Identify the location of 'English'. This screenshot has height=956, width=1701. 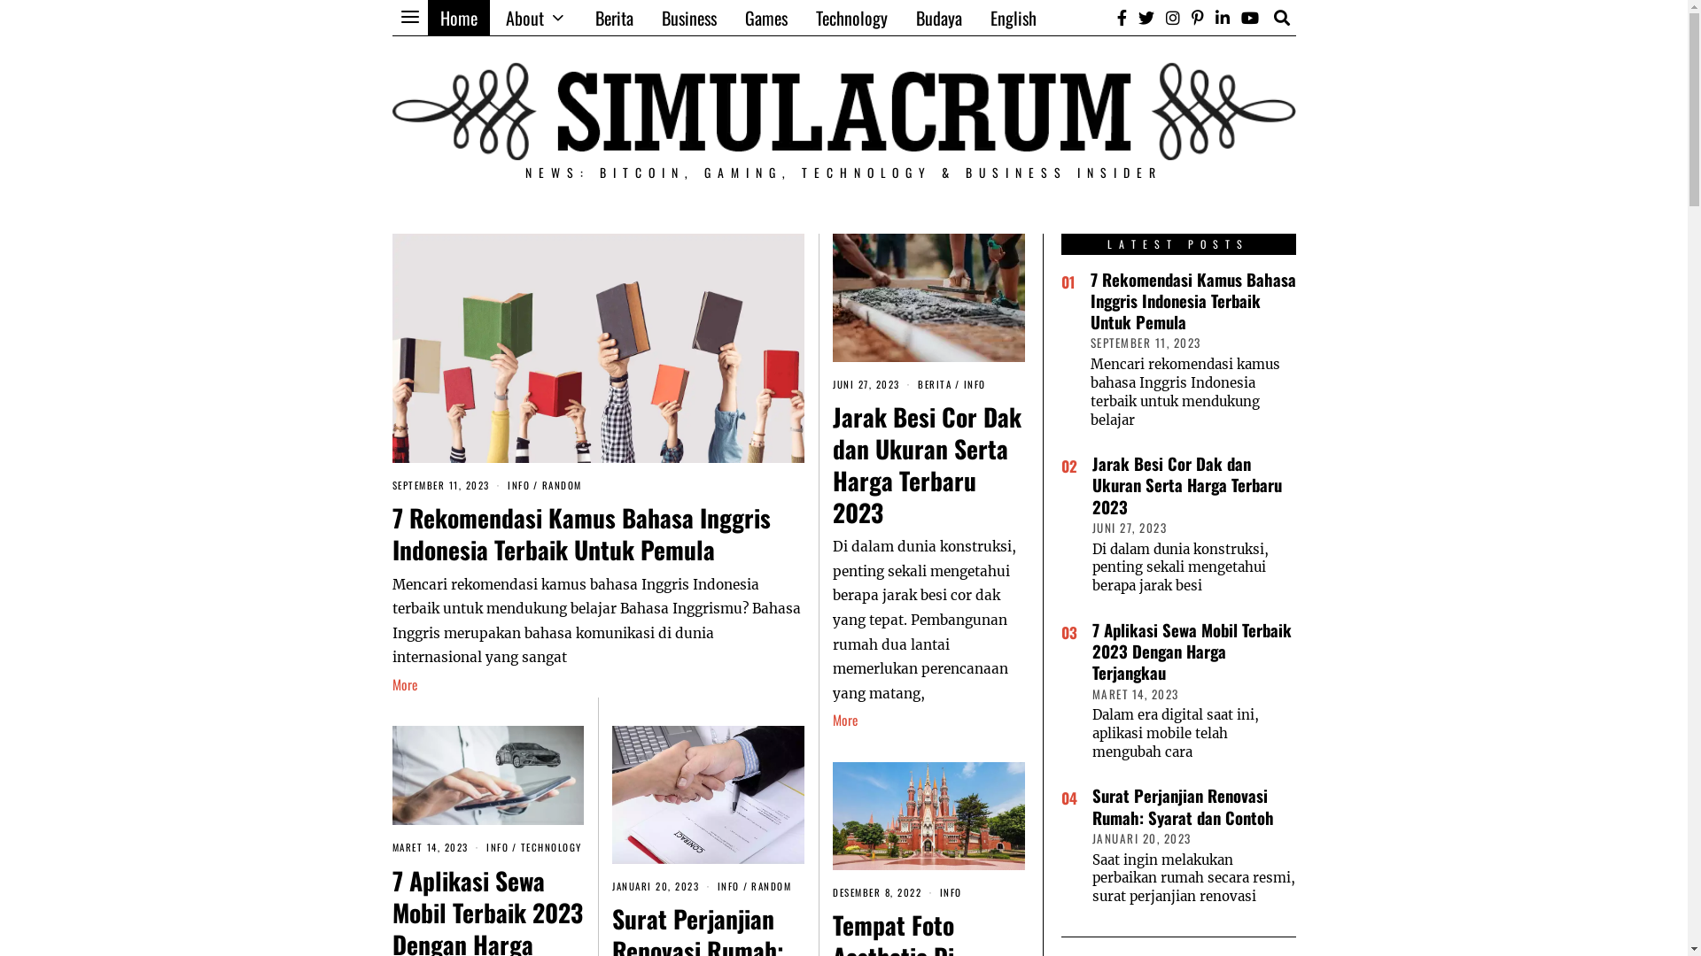
(1013, 17).